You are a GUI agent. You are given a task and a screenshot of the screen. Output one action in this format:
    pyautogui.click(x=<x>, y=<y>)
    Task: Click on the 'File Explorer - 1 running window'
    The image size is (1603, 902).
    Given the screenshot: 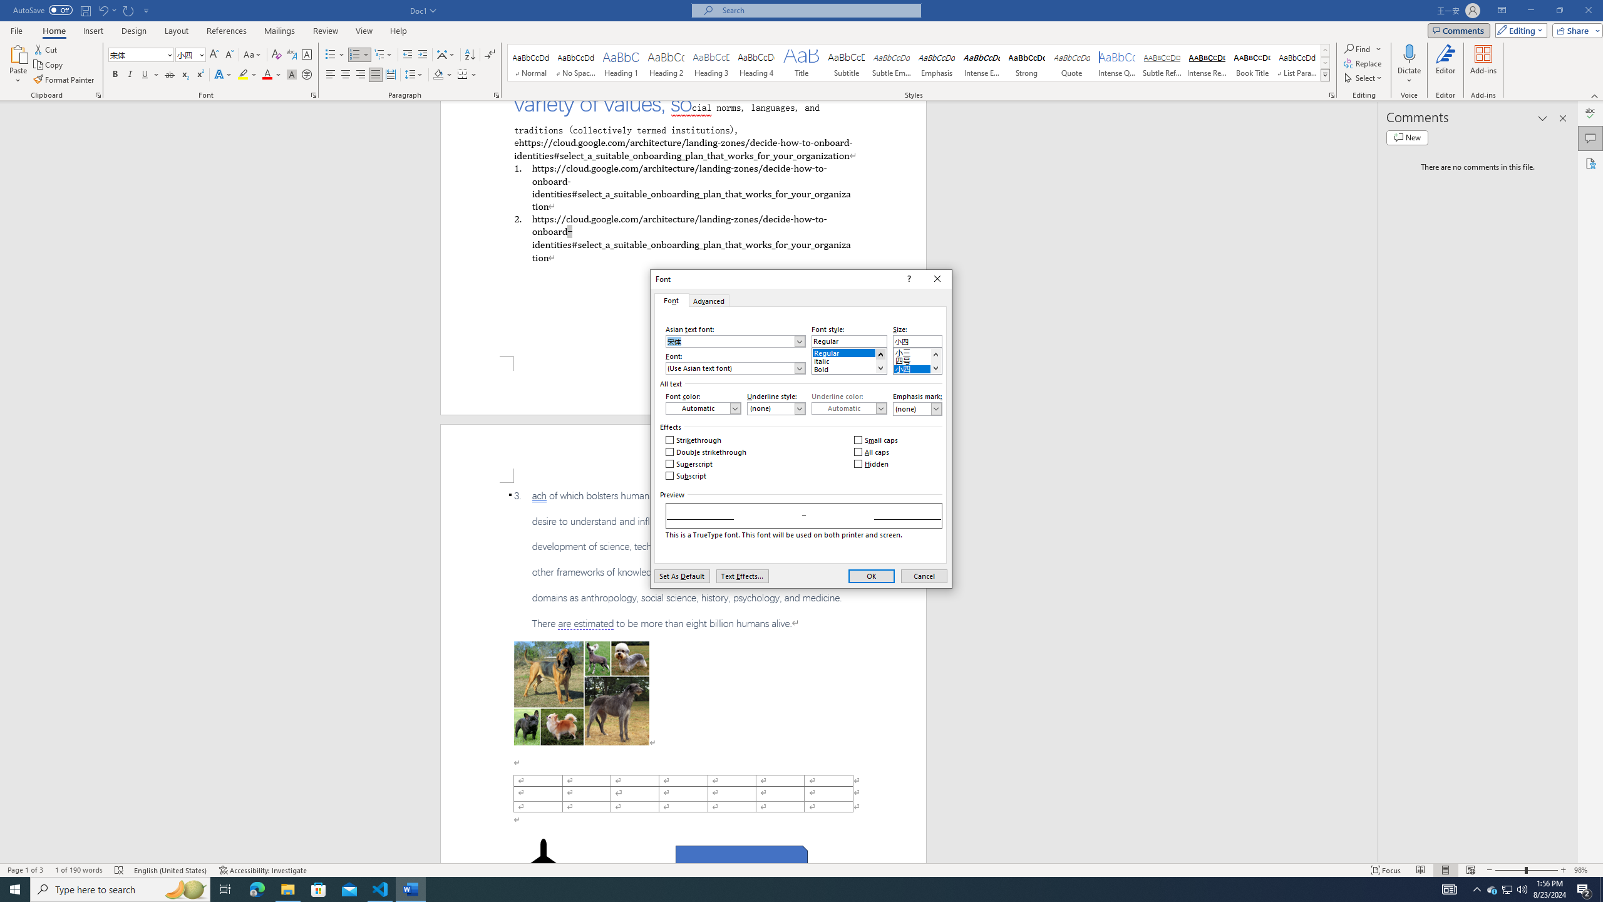 What is the action you would take?
    pyautogui.click(x=287, y=888)
    